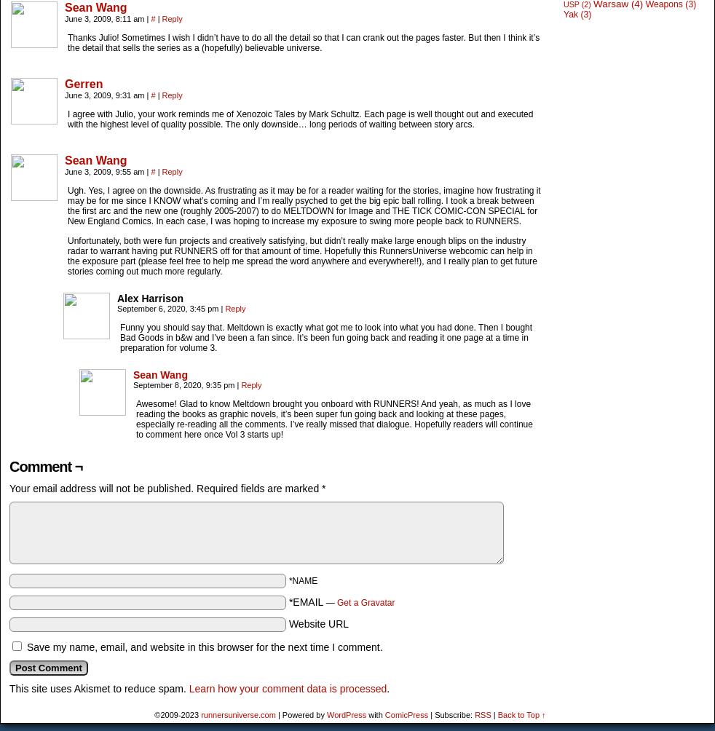  Describe the element at coordinates (119, 336) in the screenshot. I see `'Funny you should say that. Meltdown is exactly what got me to look into what you had done. Then I bought Bad Goods in b&w and I’ve been a fan since. It’s been fun going back and reading it one page at a time in preparation for volume 3.'` at that location.